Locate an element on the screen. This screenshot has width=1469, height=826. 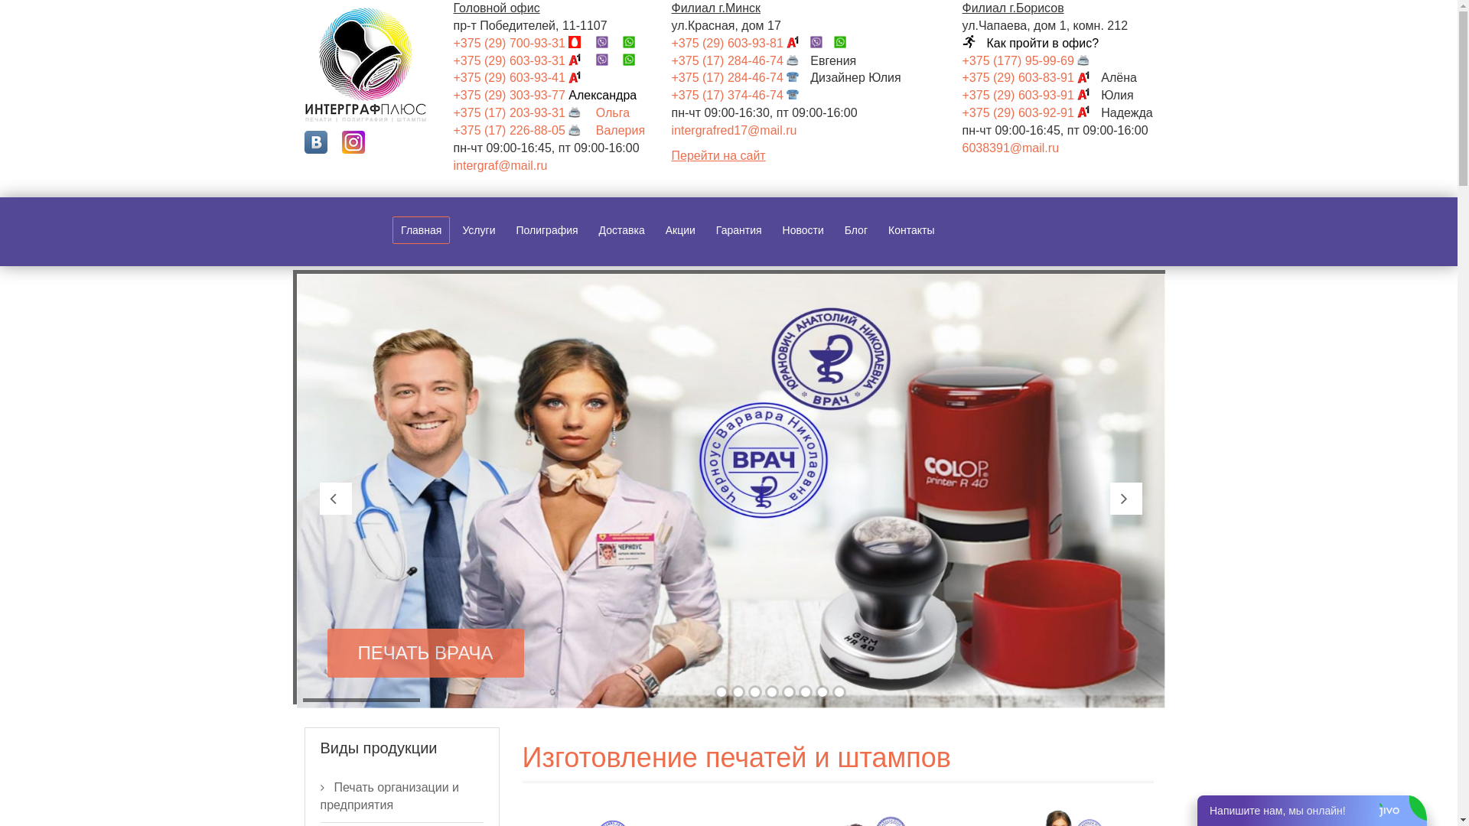
'+375 (29) 603-93-91 ' is located at coordinates (961, 95).